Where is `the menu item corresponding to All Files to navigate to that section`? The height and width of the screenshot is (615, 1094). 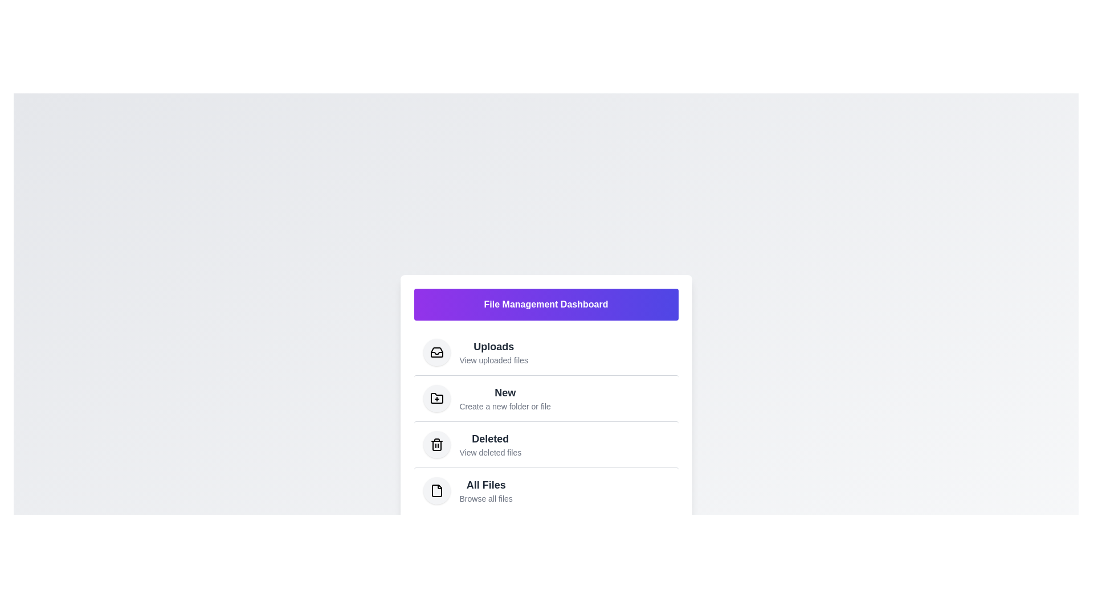
the menu item corresponding to All Files to navigate to that section is located at coordinates (486, 490).